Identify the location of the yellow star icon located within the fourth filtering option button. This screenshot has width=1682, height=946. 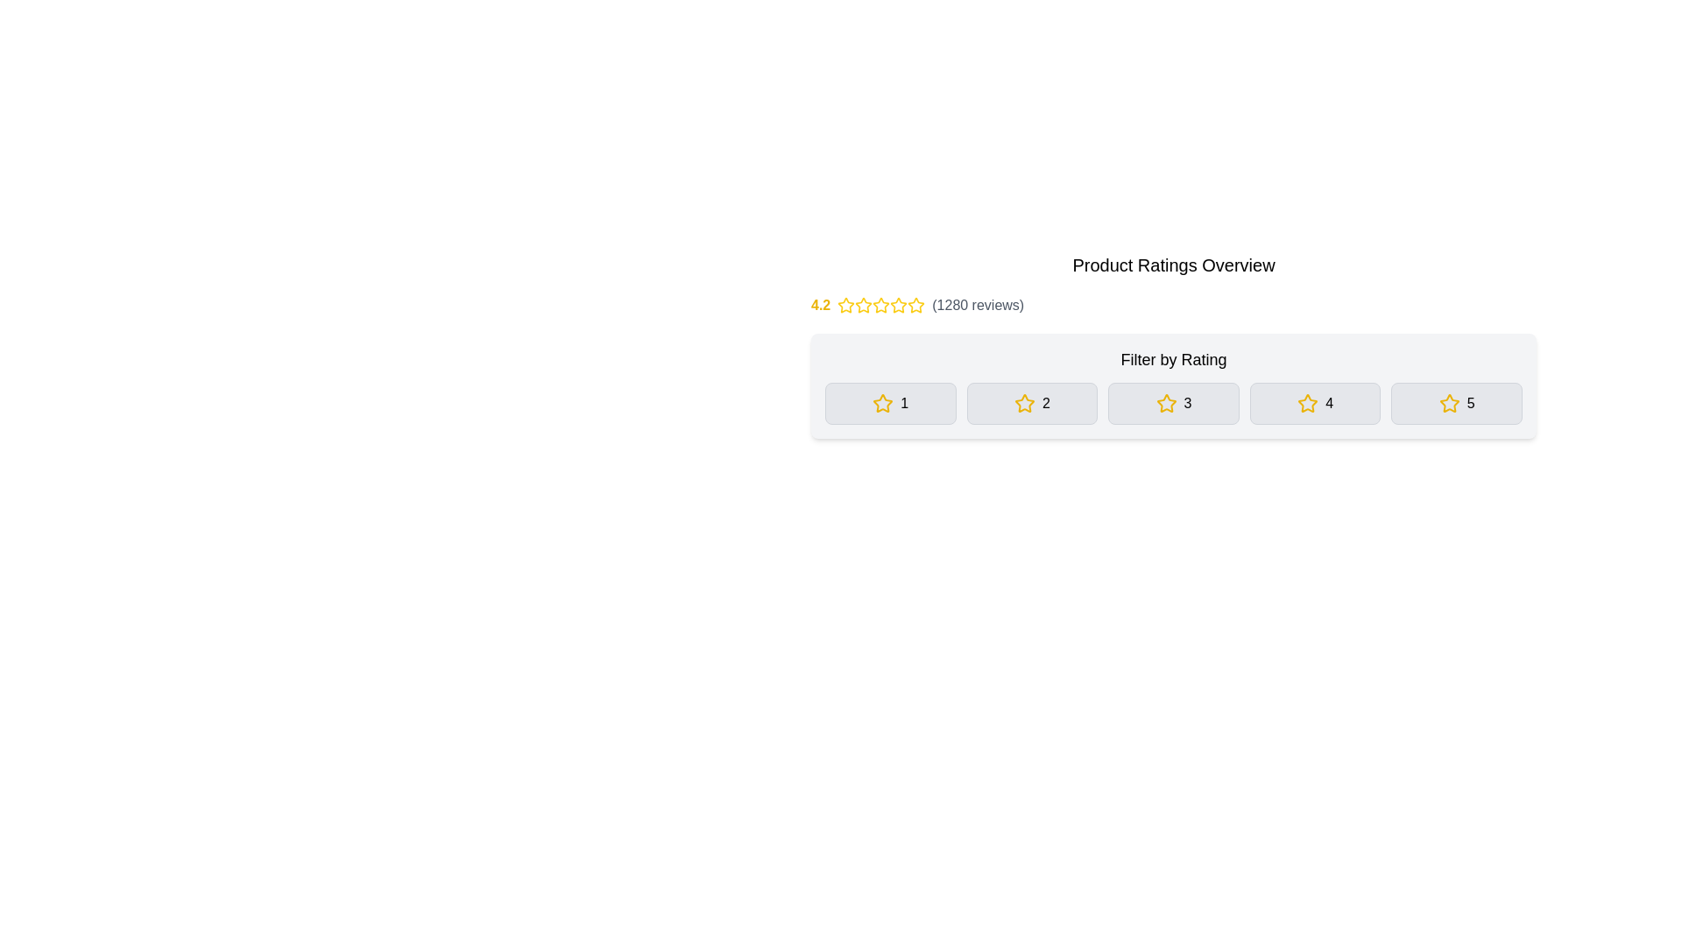
(1307, 404).